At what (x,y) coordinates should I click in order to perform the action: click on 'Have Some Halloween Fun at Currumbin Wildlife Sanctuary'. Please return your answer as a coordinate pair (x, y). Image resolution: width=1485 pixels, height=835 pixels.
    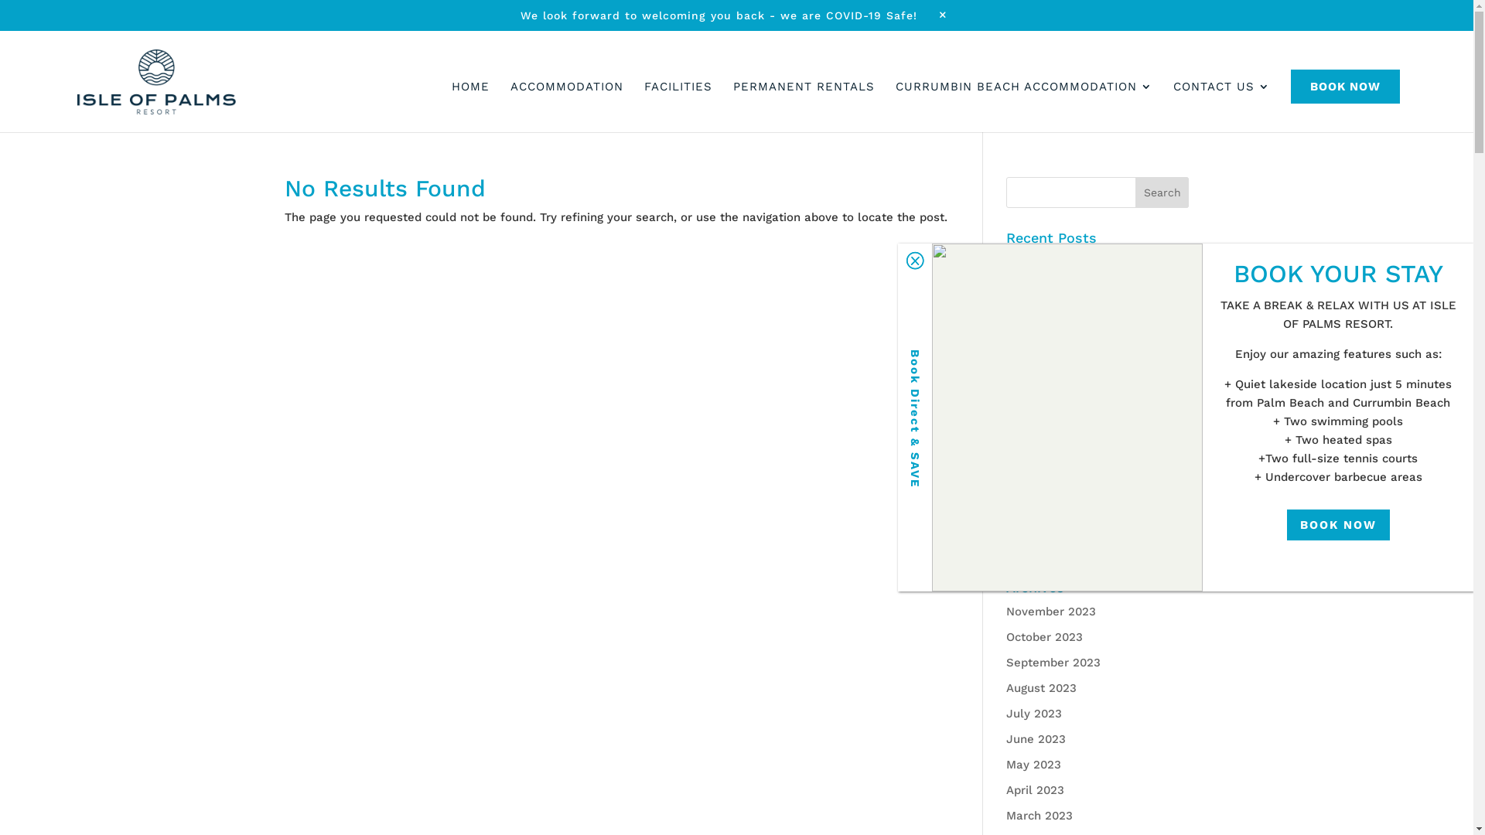
    Looking at the image, I should click on (1090, 381).